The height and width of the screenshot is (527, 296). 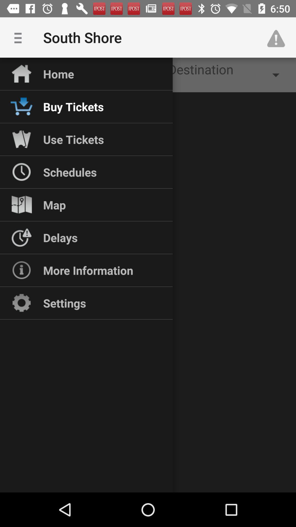 What do you see at coordinates (230, 75) in the screenshot?
I see `destination` at bounding box center [230, 75].